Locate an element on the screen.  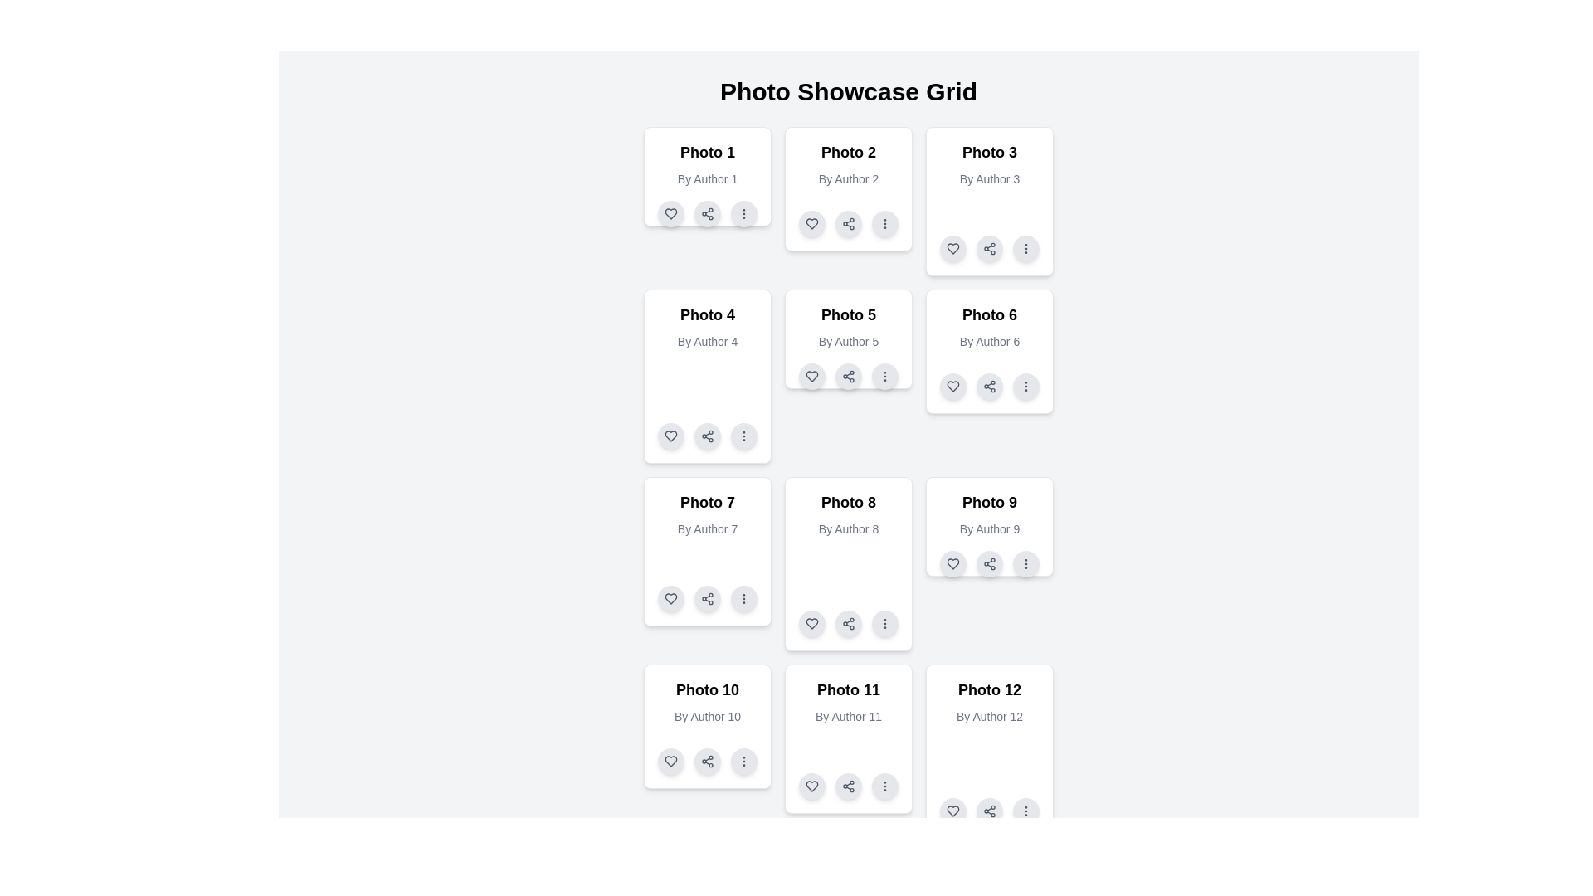
the favorite button for 'Photo 5' is located at coordinates (812, 377).